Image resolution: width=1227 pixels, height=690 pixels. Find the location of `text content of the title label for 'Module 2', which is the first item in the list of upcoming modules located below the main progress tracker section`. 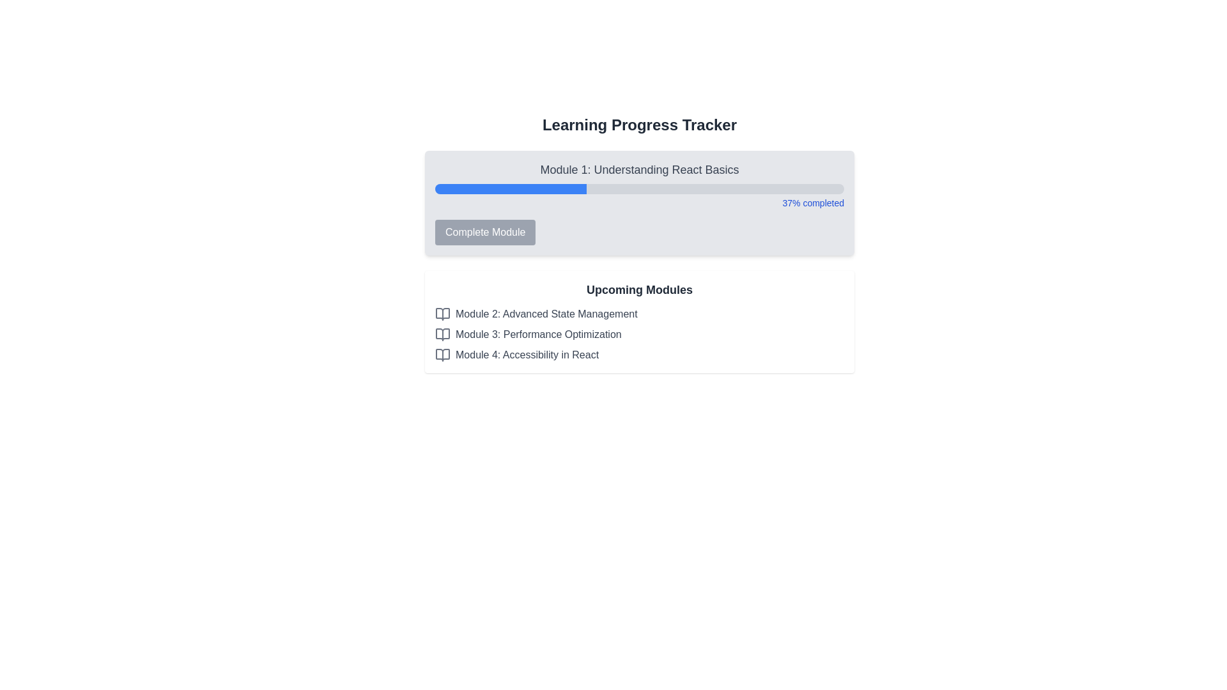

text content of the title label for 'Module 2', which is the first item in the list of upcoming modules located below the main progress tracker section is located at coordinates (546, 314).